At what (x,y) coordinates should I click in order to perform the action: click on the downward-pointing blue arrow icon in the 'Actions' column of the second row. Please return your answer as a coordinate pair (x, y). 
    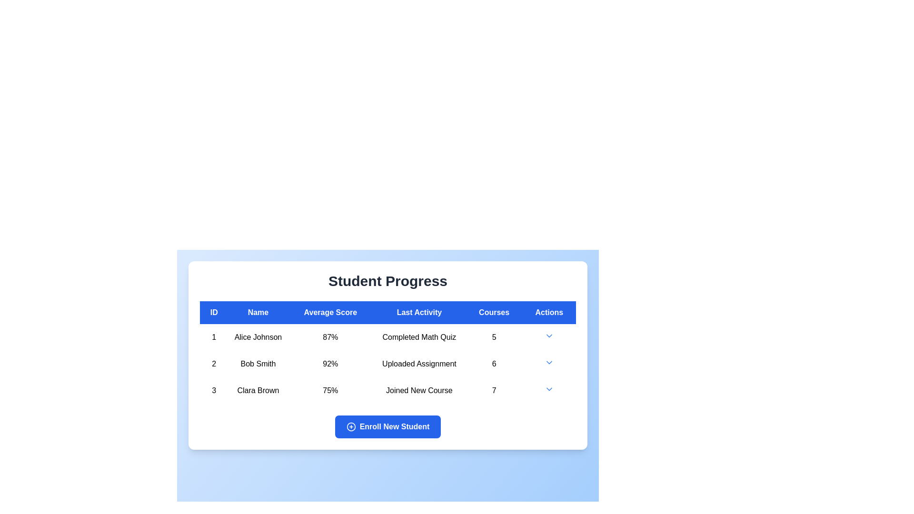
    Looking at the image, I should click on (549, 362).